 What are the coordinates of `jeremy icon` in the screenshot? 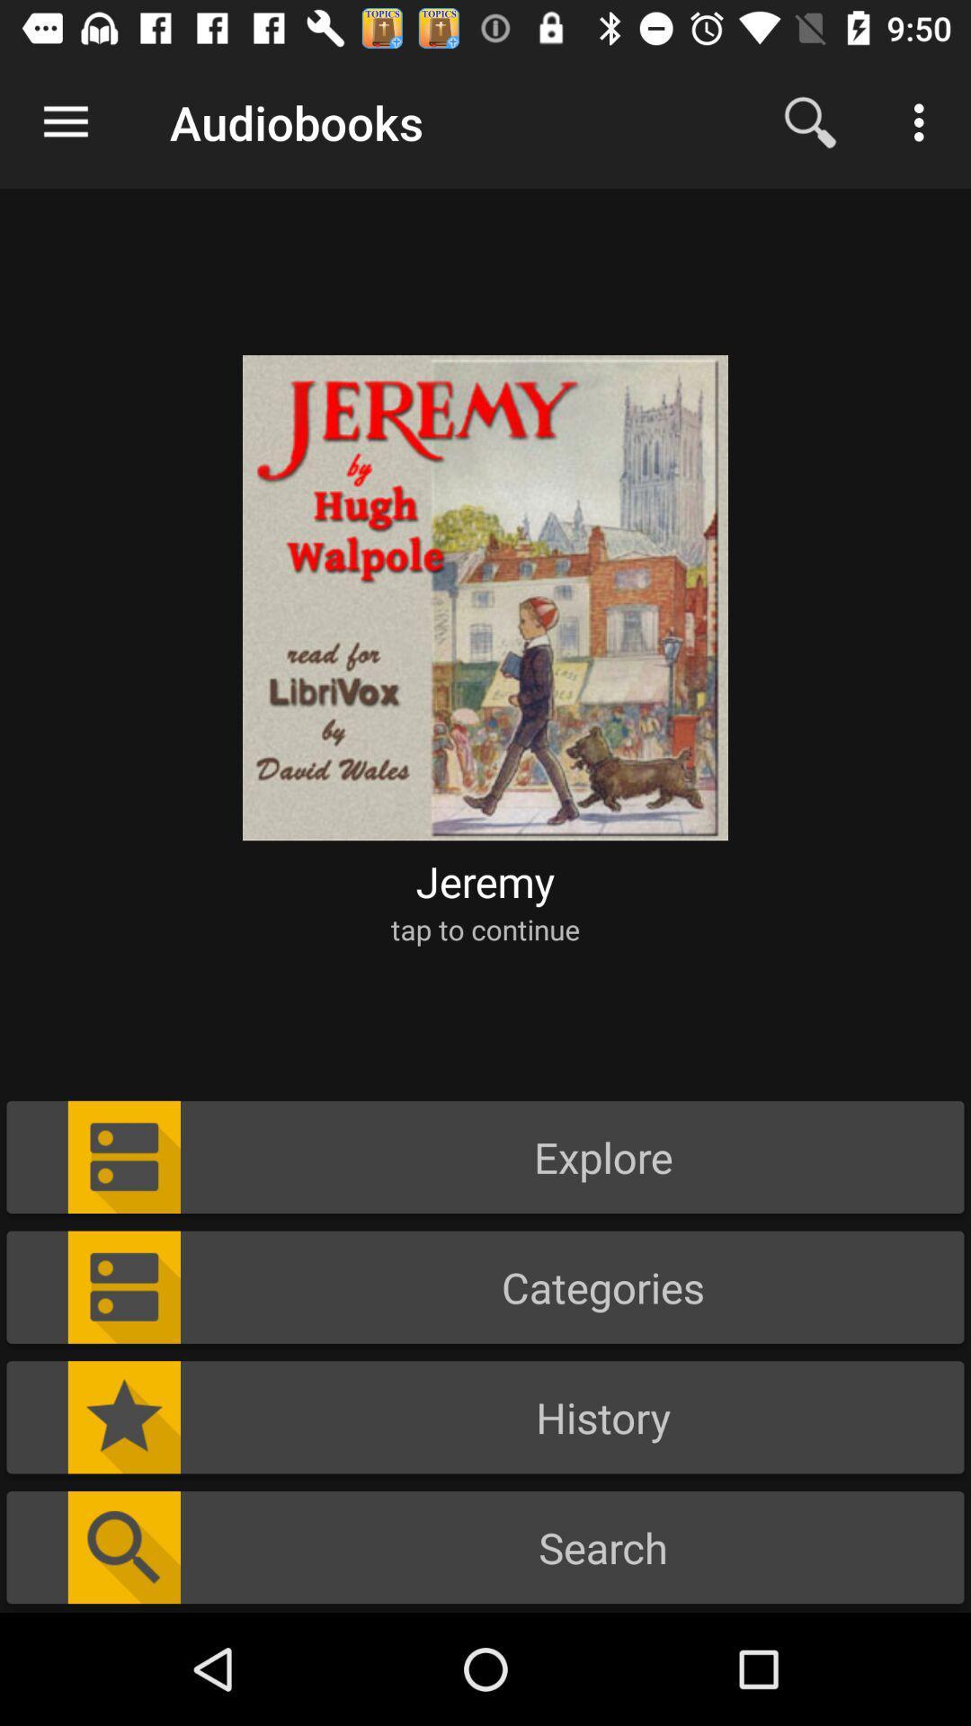 It's located at (485, 881).